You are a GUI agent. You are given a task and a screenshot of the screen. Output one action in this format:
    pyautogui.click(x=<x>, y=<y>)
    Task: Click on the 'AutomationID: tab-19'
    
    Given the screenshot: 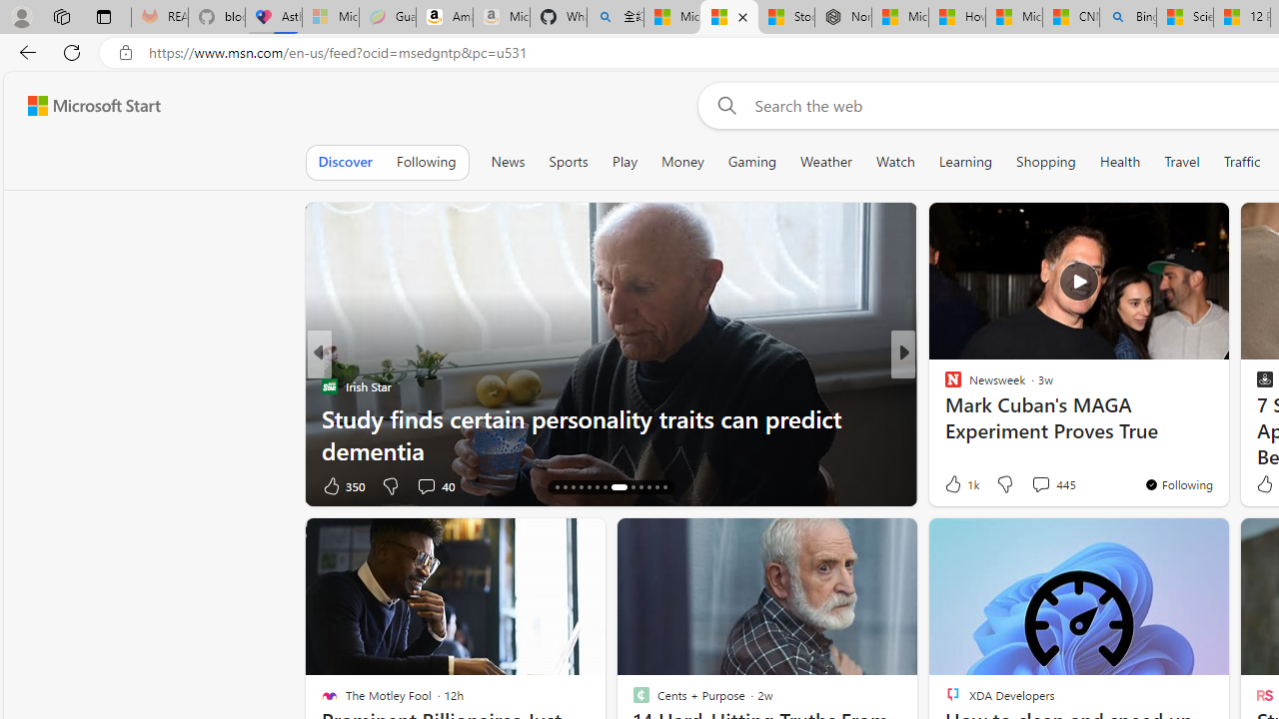 What is the action you would take?
    pyautogui.click(x=596, y=487)
    